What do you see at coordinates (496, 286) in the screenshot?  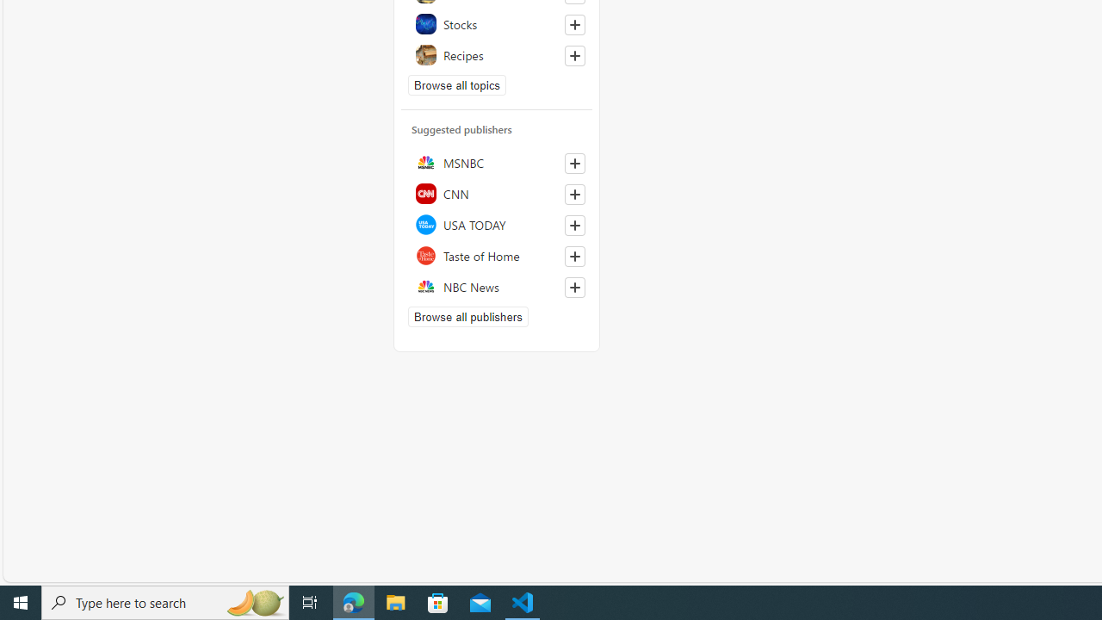 I see `'NBC News'` at bounding box center [496, 286].